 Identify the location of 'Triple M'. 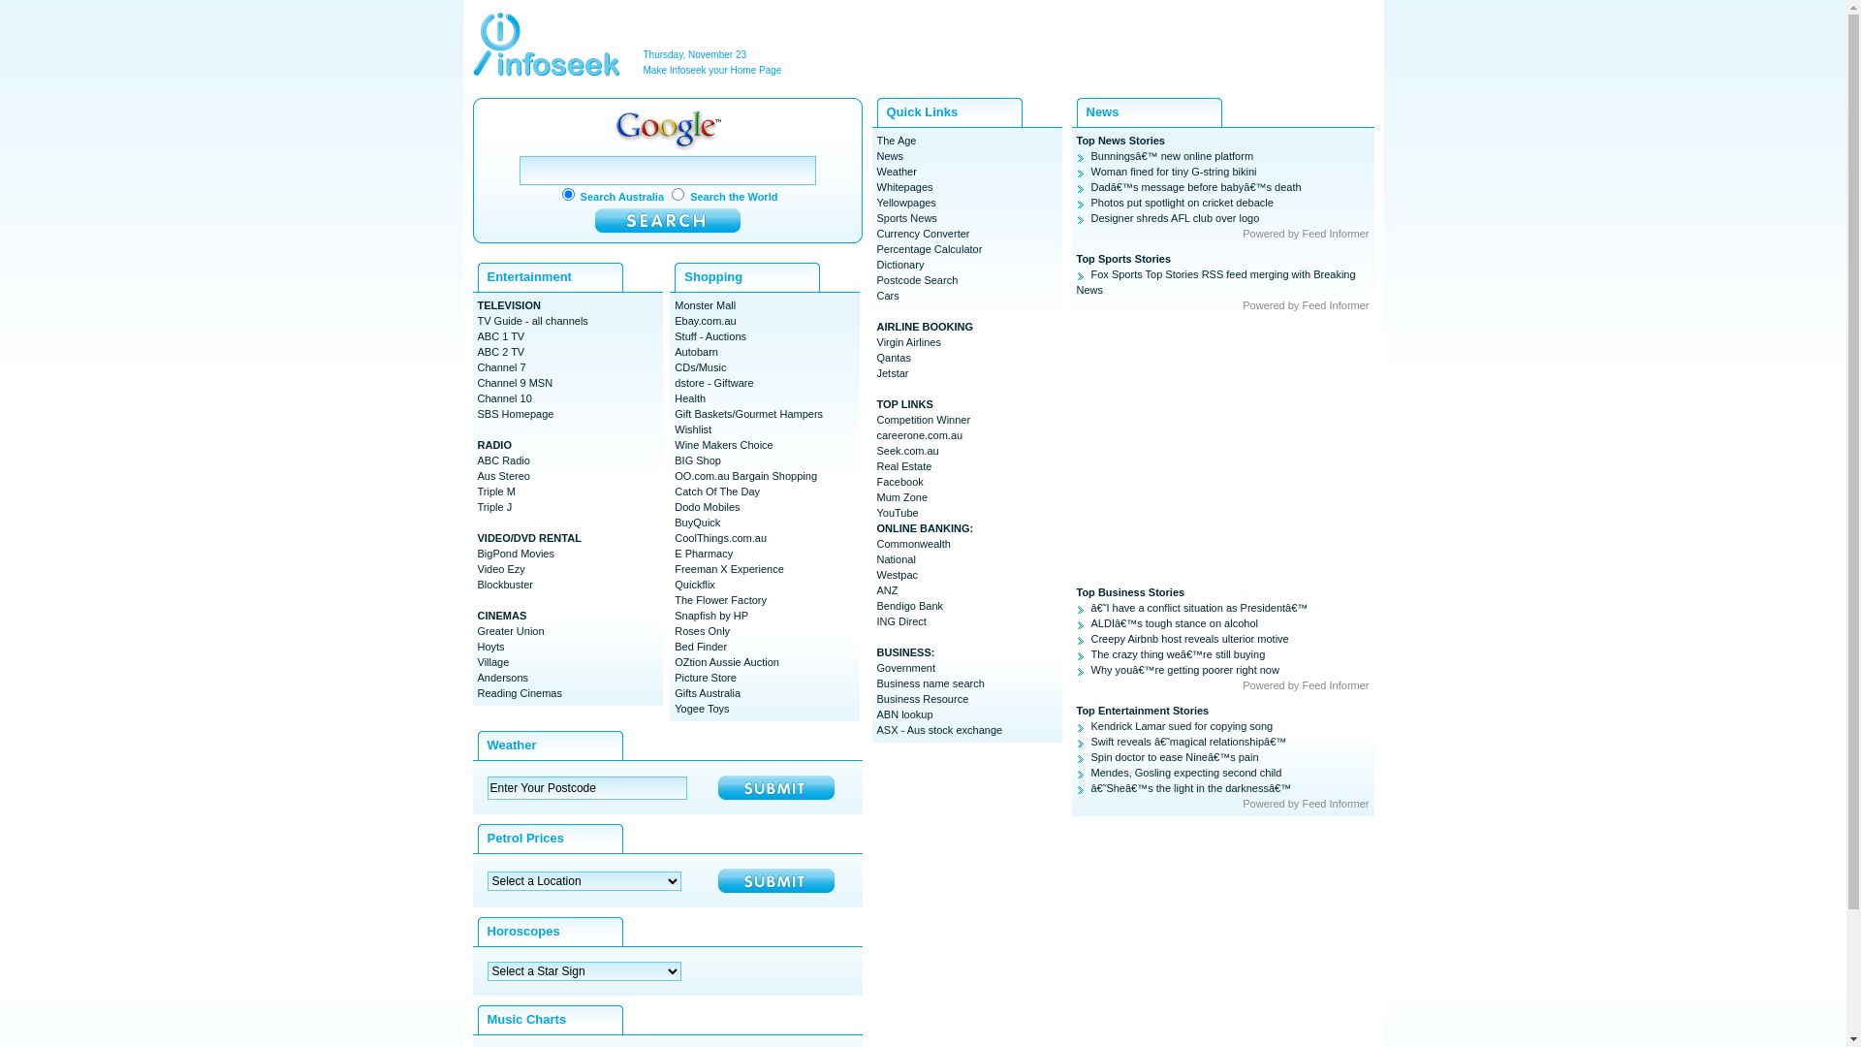
(495, 490).